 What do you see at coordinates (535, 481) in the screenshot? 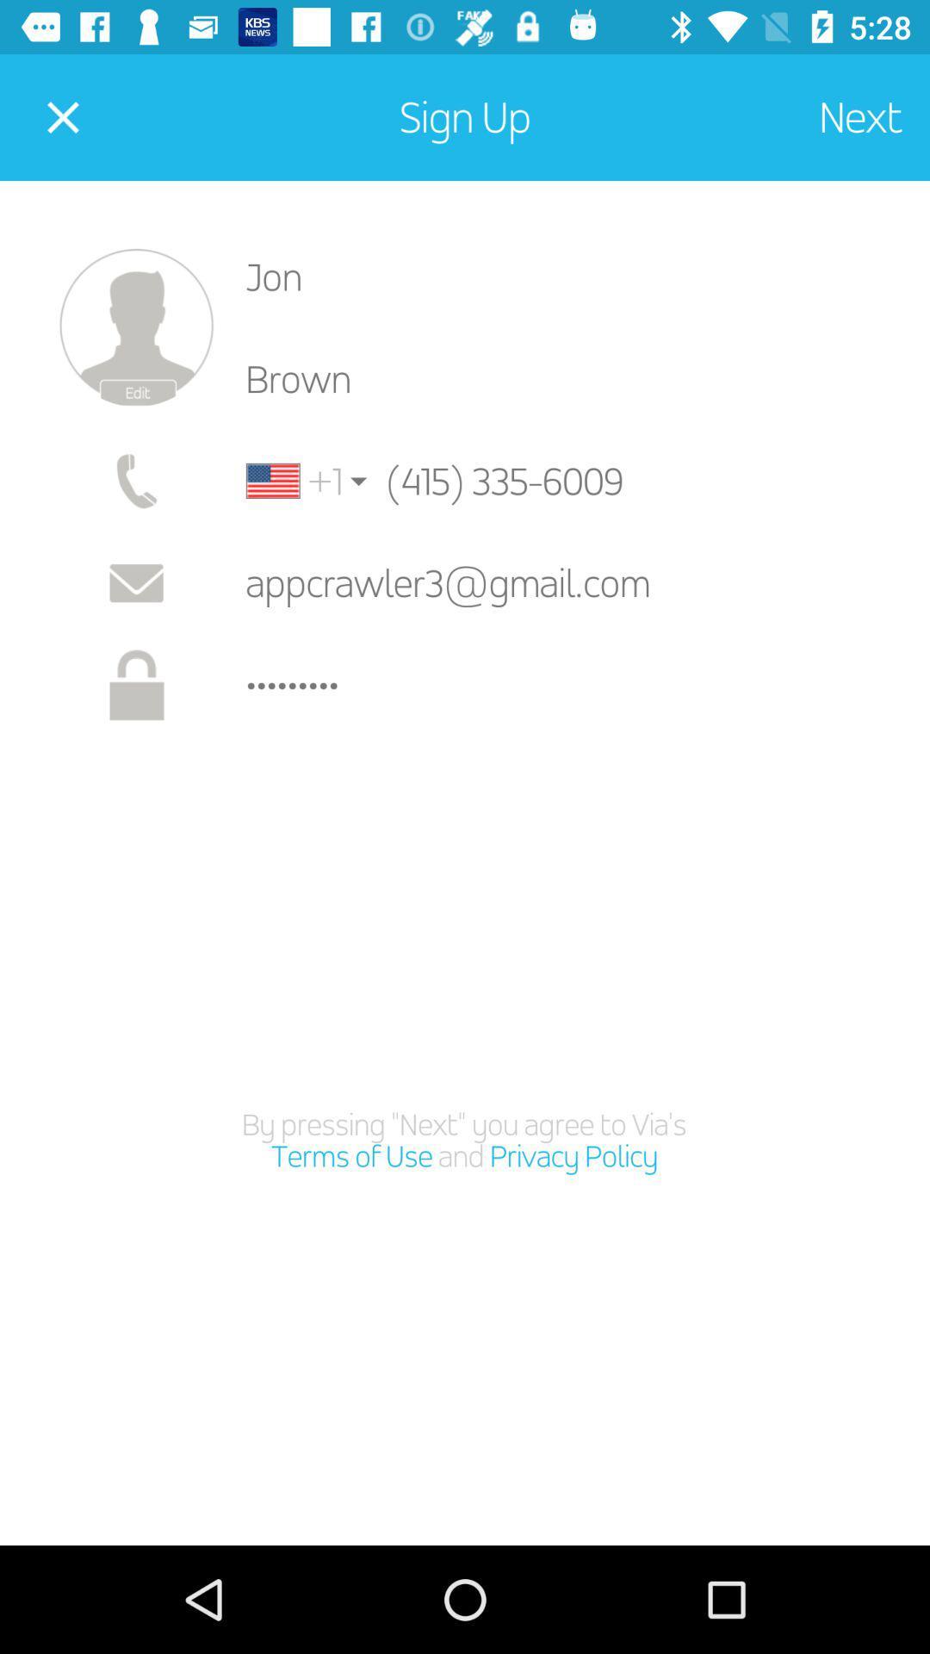
I see `(415) 335-6009 icon` at bounding box center [535, 481].